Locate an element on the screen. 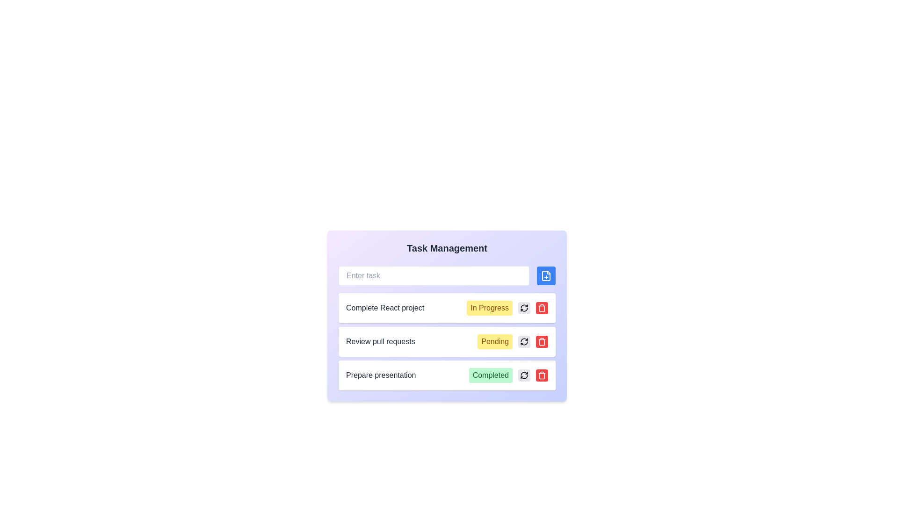 This screenshot has height=505, width=898. the trash can icon button with a red fill and white outlines is located at coordinates (542, 308).